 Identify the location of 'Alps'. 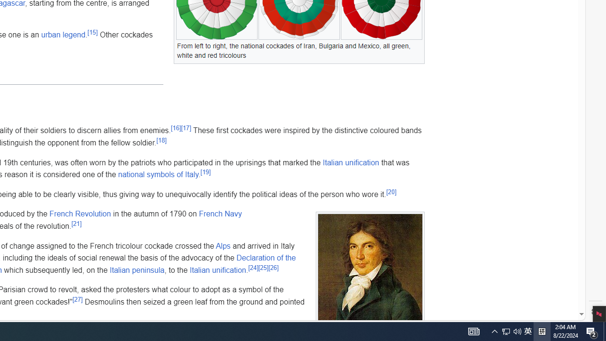
(223, 245).